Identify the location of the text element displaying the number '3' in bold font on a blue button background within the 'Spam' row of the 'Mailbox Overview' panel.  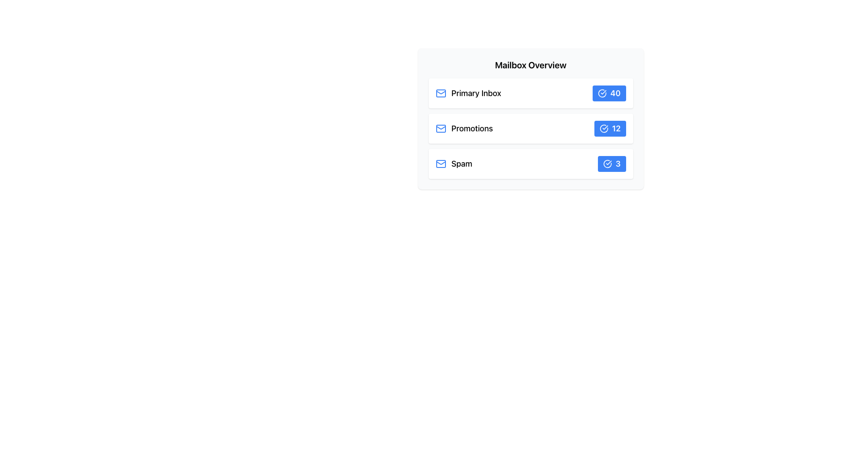
(617, 164).